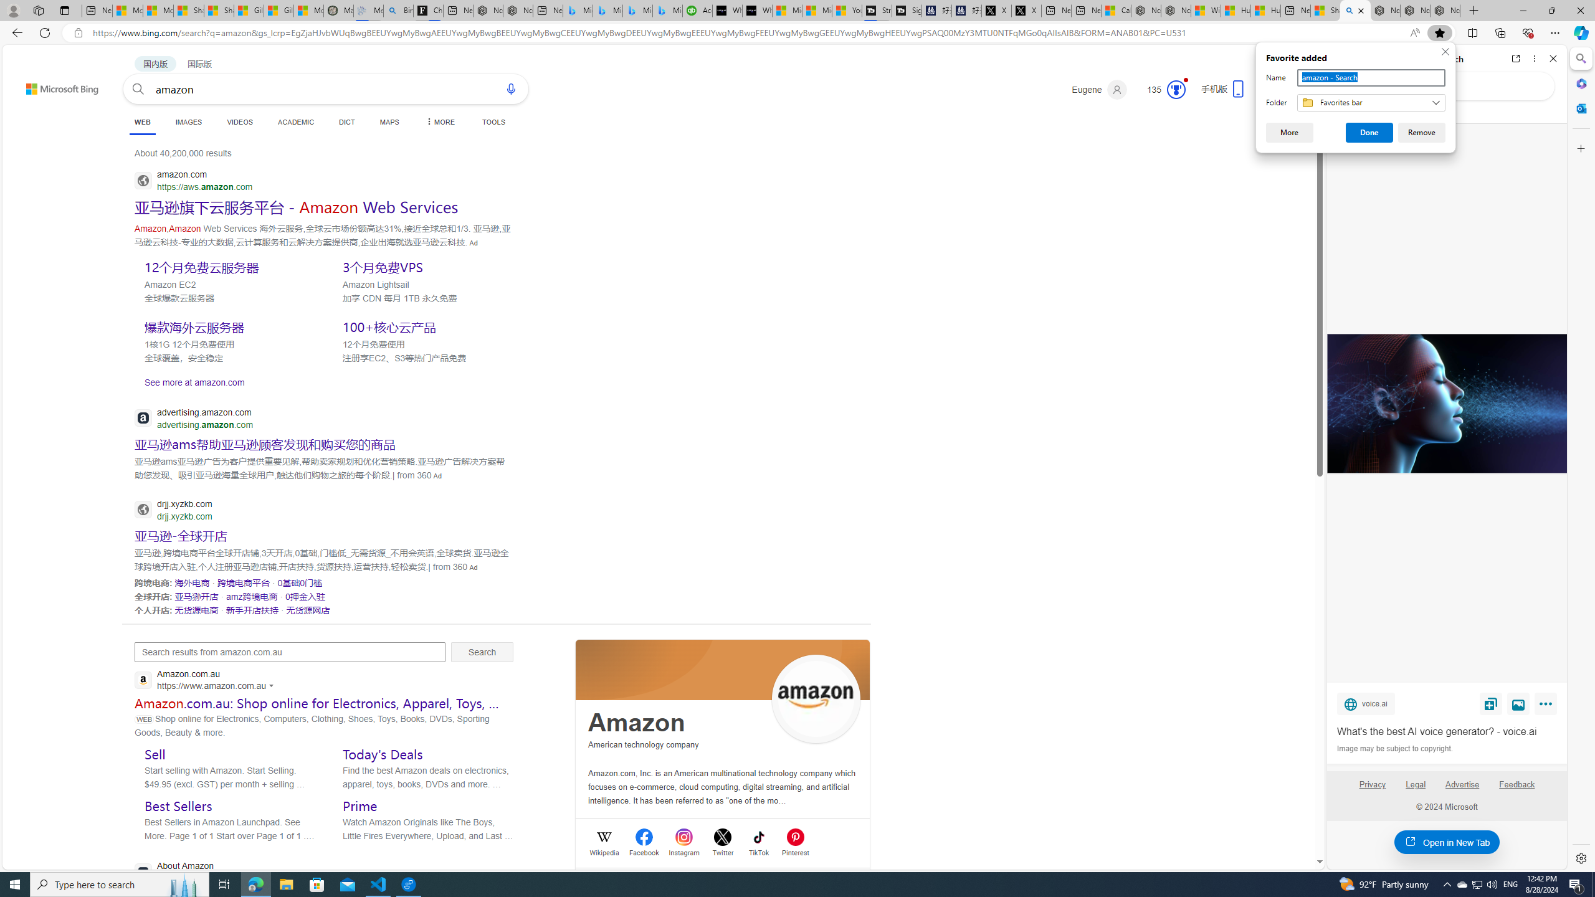 The image size is (1595, 897). I want to click on 'MORE', so click(439, 121).